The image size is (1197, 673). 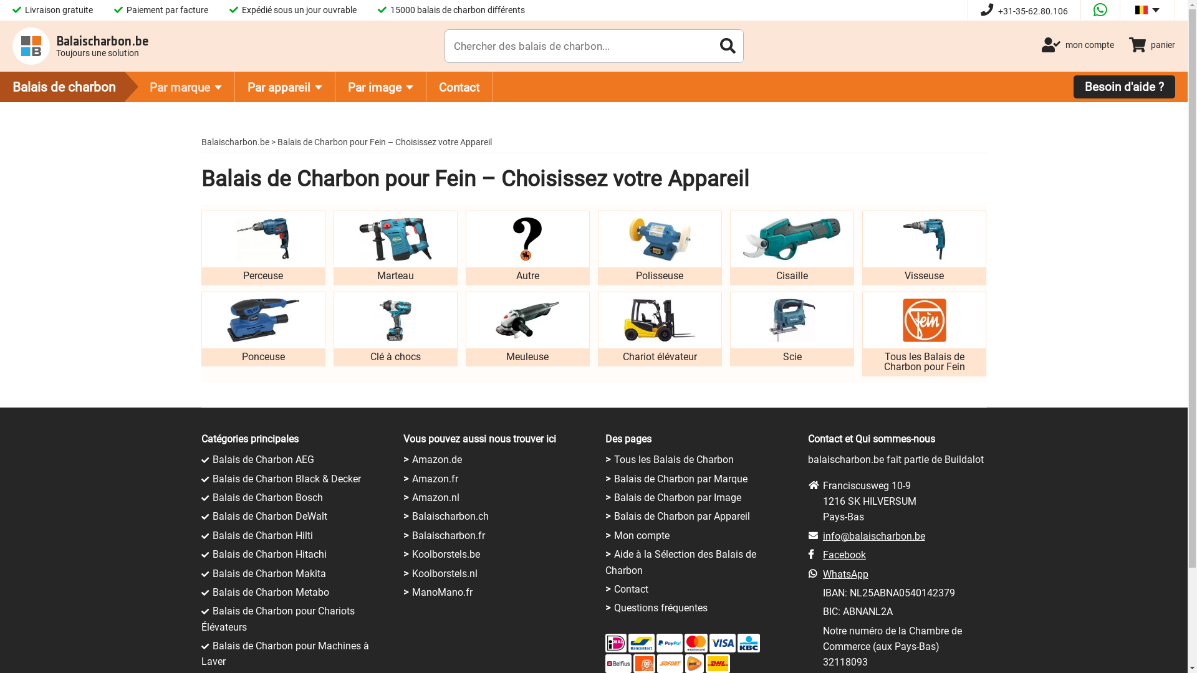 I want to click on 'Marteau', so click(x=333, y=247).